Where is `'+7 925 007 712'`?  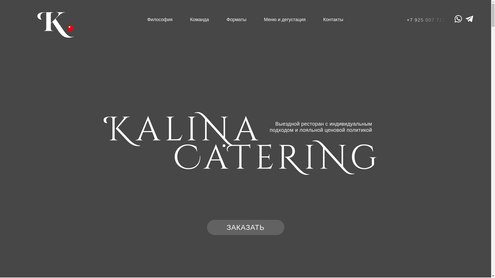 '+7 925 007 712' is located at coordinates (427, 20).